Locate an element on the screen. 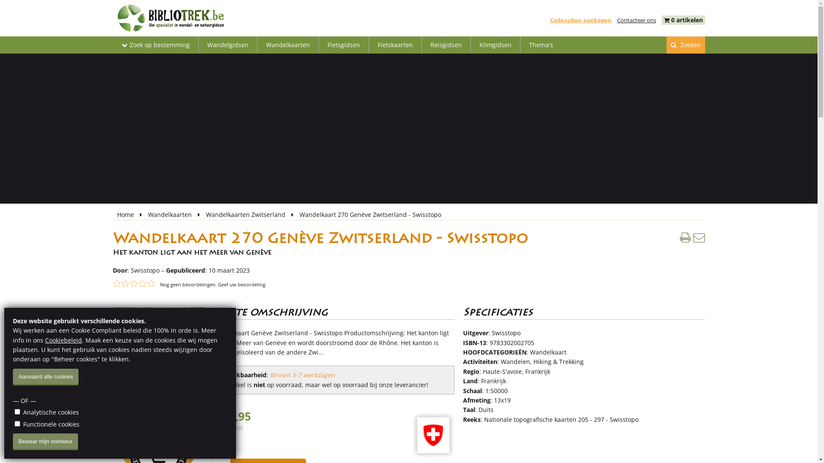  'Aanvaard alle cookies' is located at coordinates (45, 376).